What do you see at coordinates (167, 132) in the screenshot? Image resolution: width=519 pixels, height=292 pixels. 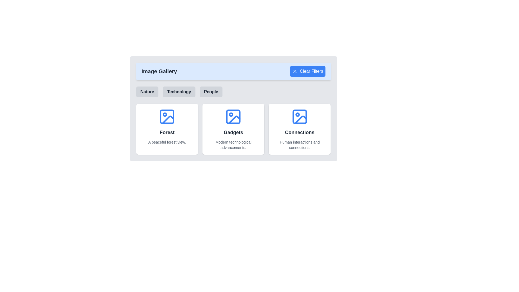 I see `the title text element located in the center of the rounded, shadowed white card on the left side of the interface, just below an icon and above the text 'A peaceful forest view.'` at bounding box center [167, 132].